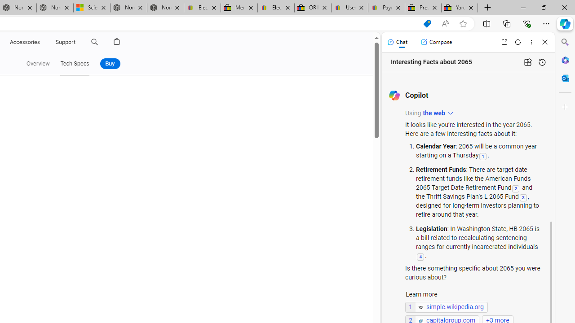 The height and width of the screenshot is (323, 575). I want to click on 'Support menu', so click(77, 42).